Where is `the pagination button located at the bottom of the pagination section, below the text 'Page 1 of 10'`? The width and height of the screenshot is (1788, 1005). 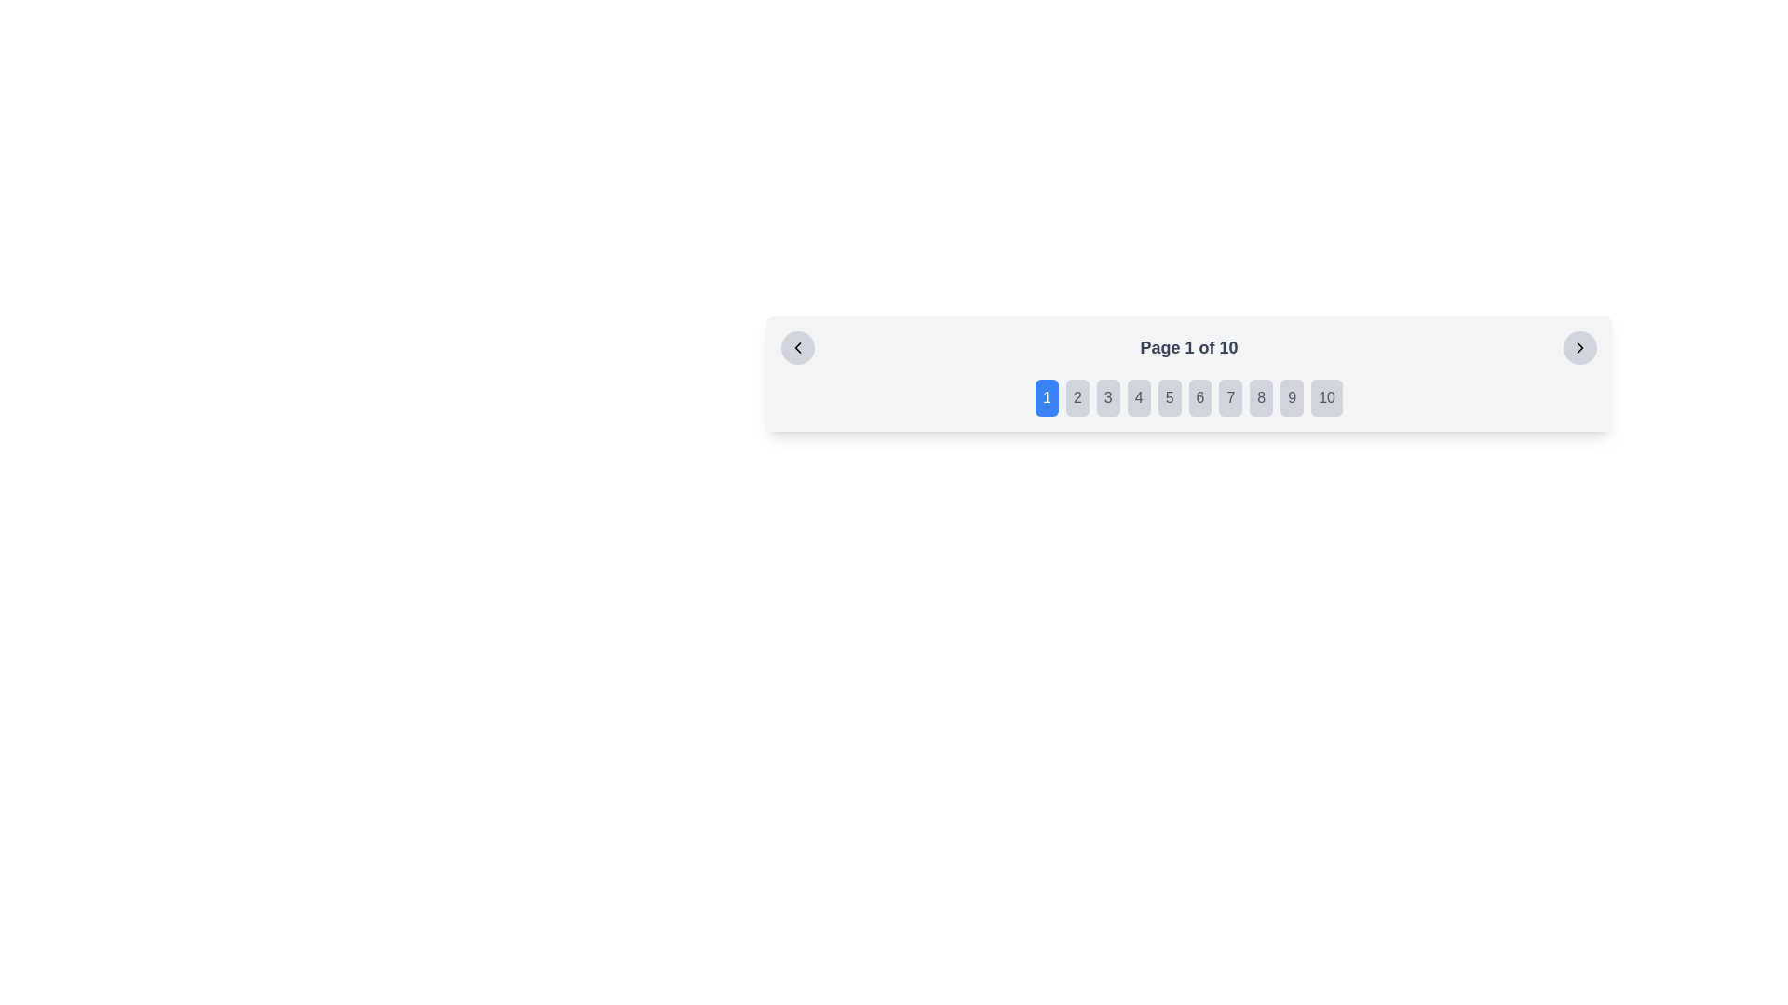
the pagination button located at the bottom of the pagination section, below the text 'Page 1 of 10' is located at coordinates (1187, 397).